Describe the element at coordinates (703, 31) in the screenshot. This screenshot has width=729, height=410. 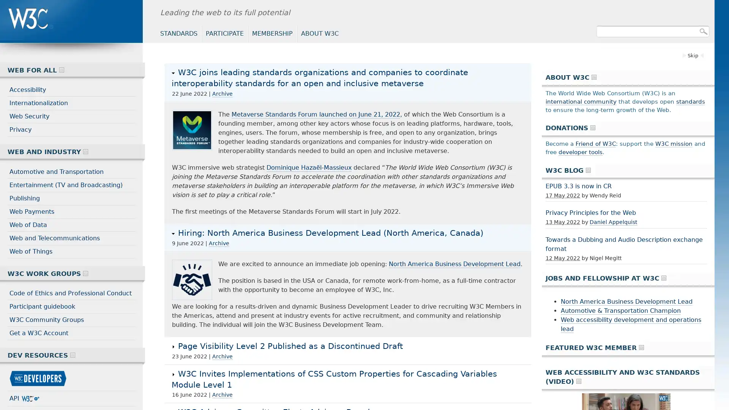
I see `Search` at that location.